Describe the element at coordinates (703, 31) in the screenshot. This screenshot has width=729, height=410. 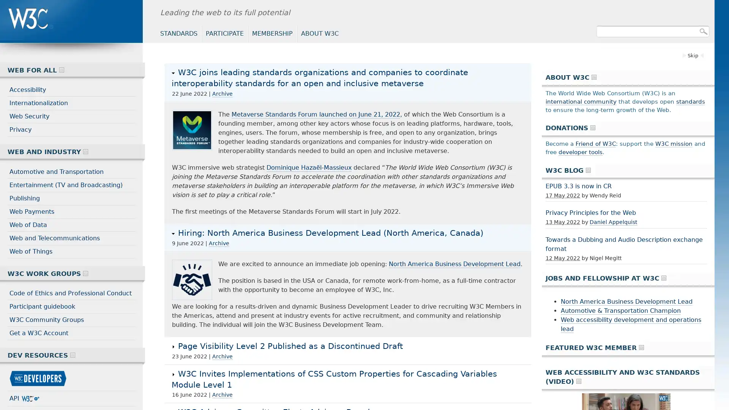
I see `Search` at that location.